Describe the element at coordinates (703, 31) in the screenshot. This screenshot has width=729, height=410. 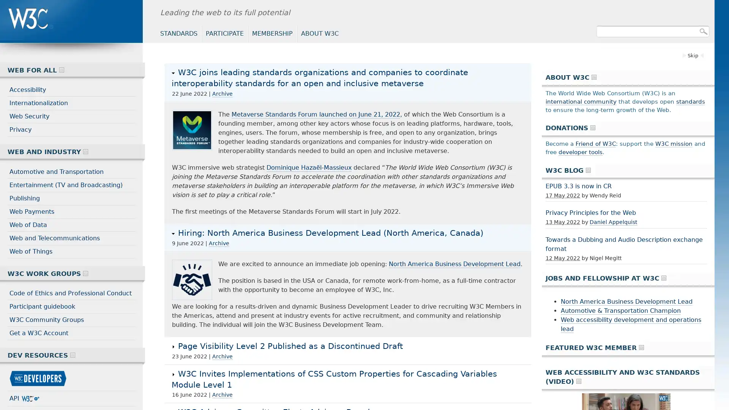
I see `Search` at that location.